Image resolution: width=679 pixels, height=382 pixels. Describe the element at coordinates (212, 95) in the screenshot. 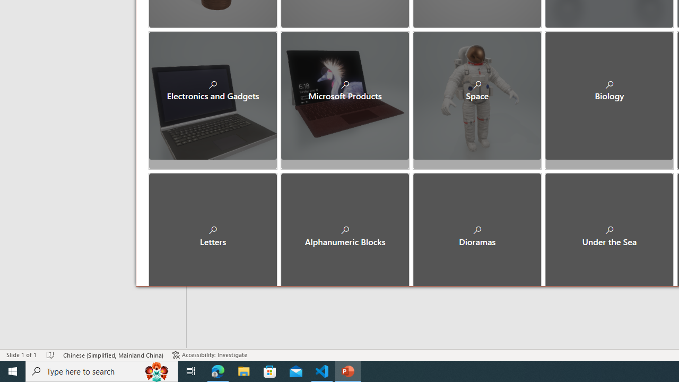

I see `'Electronics and Gadgets'` at that location.